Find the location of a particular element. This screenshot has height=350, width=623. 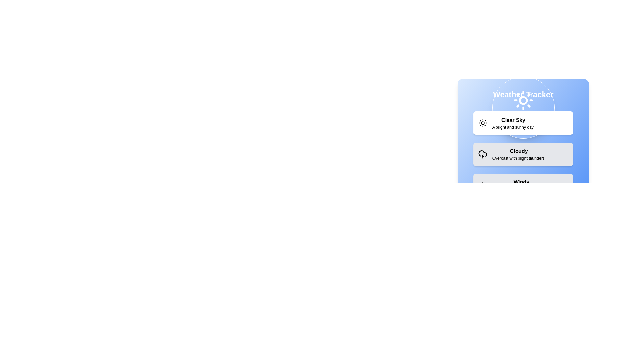

the second curved line from the bottom in the SVG graphic representing a wind symbol, located to the left of the 'Windy' label is located at coordinates (483, 184).